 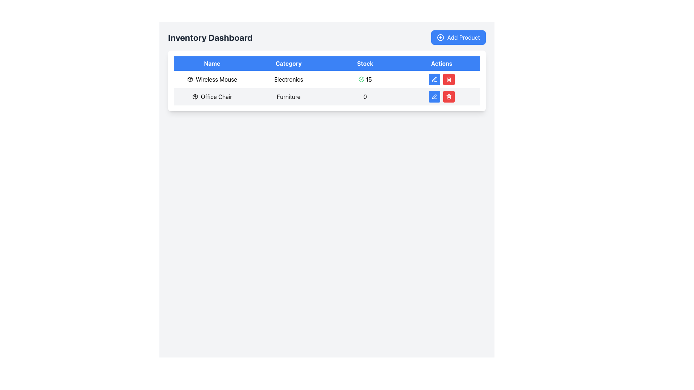 I want to click on the Text label displaying the stock quantity of '0', located in the second row of the table under the 'Stock' column, aligned with 'Office Chair' in the 'Name' column, so click(x=365, y=96).